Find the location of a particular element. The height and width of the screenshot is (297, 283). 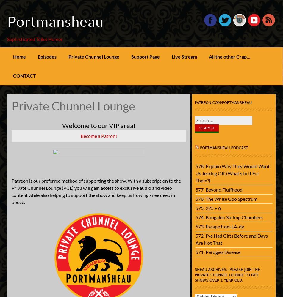

'patreon.com/portmansheau' is located at coordinates (223, 102).